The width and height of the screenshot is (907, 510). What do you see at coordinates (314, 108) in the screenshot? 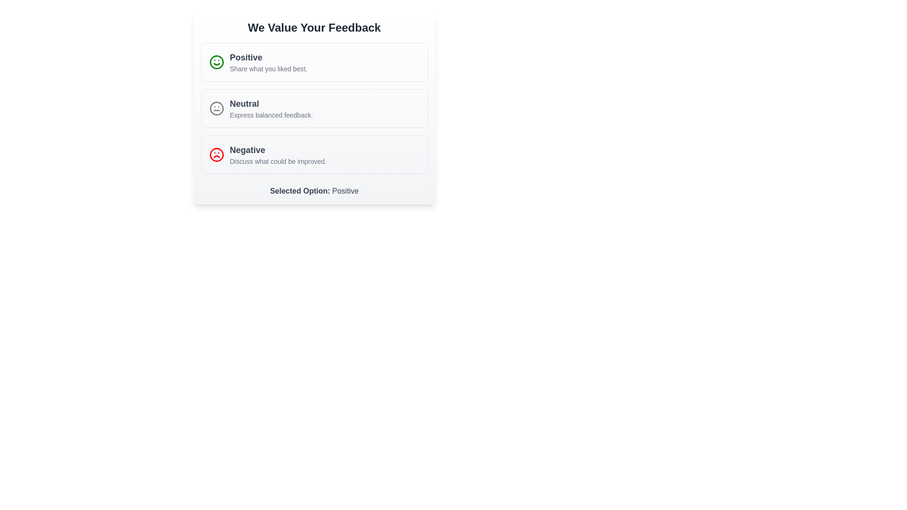
I see `to select the 'Neutral' feedback option in the second section of the feedback card titled 'We Value Your Feedback'` at bounding box center [314, 108].